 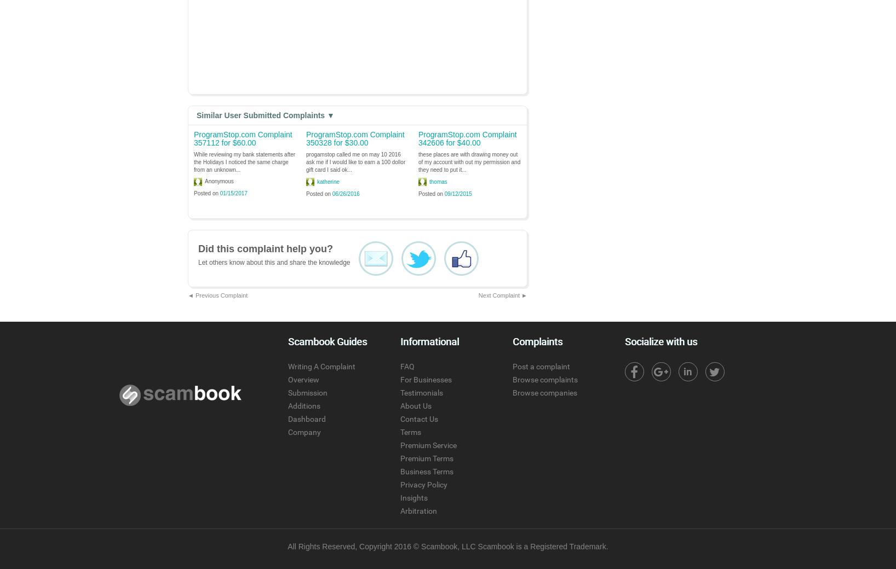 I want to click on 'Submission', so click(x=287, y=393).